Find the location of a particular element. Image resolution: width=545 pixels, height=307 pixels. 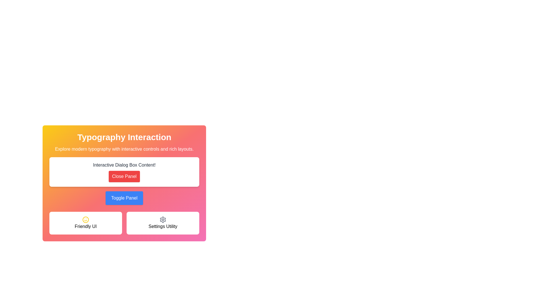

the gear icon in the lower-right corner of the interface is located at coordinates (163, 219).